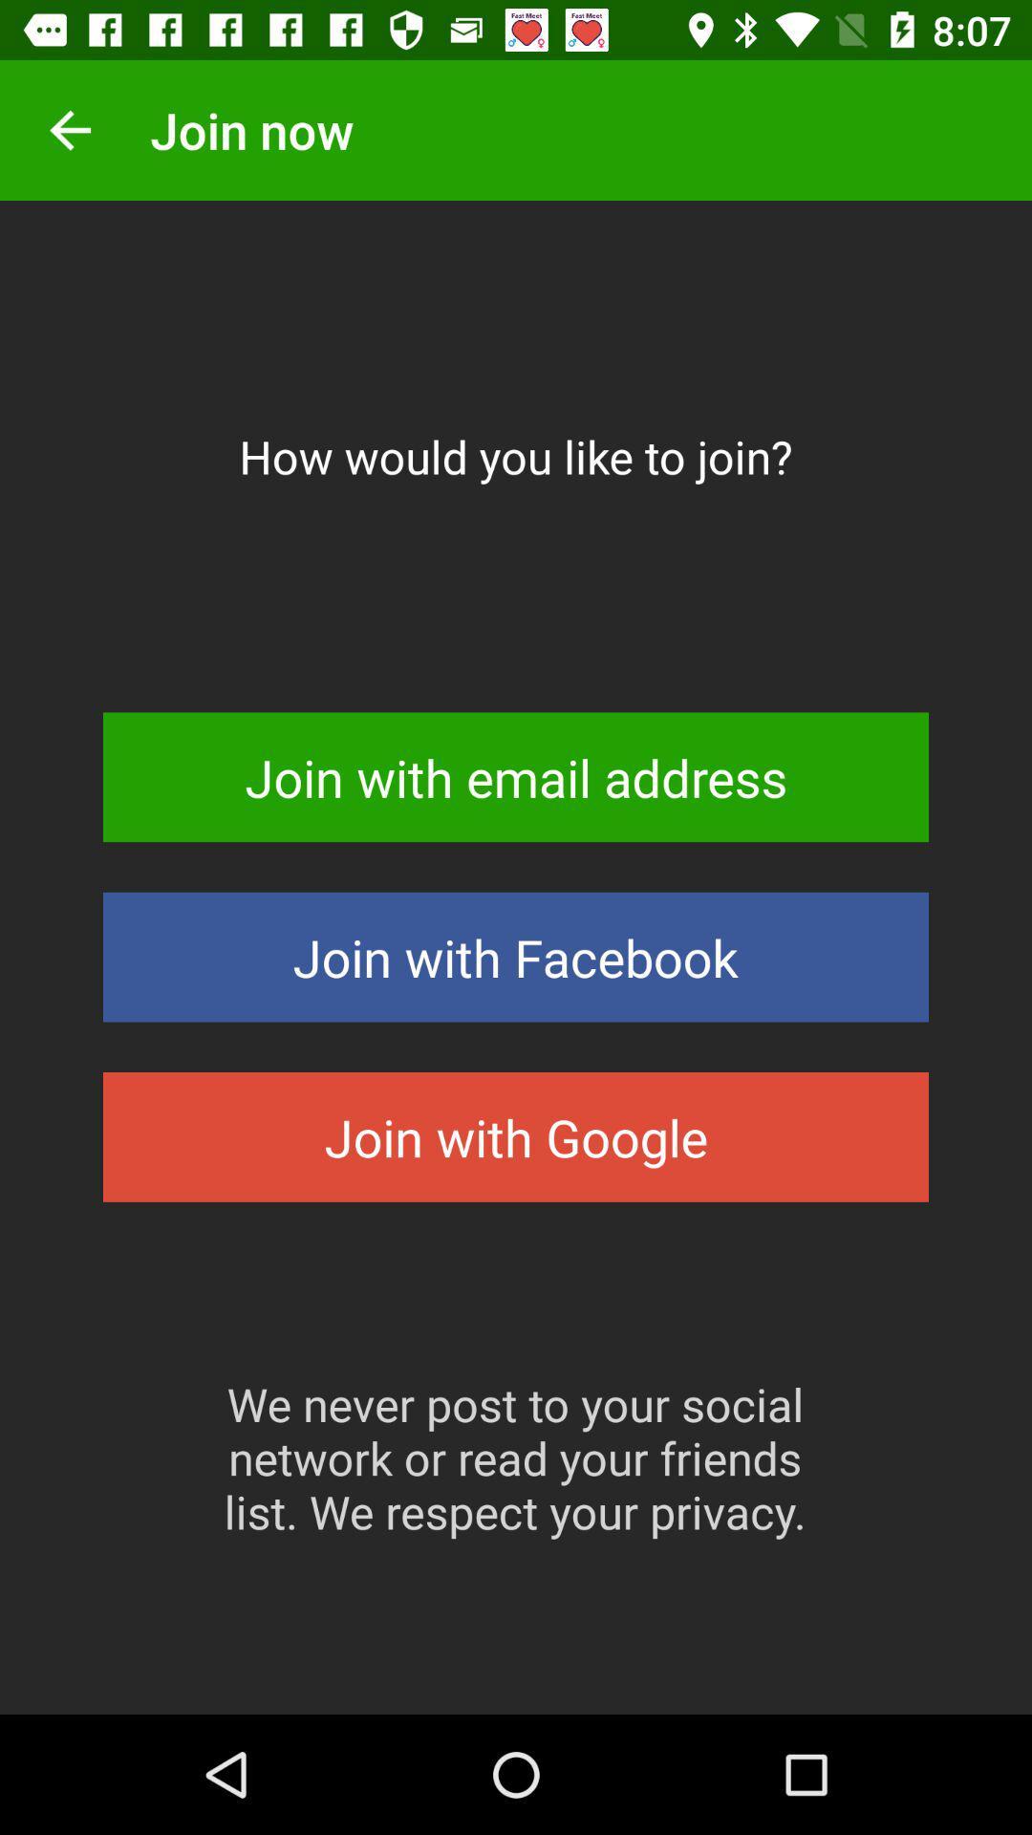 The image size is (1032, 1835). I want to click on the icon next to join now item, so click(69, 129).